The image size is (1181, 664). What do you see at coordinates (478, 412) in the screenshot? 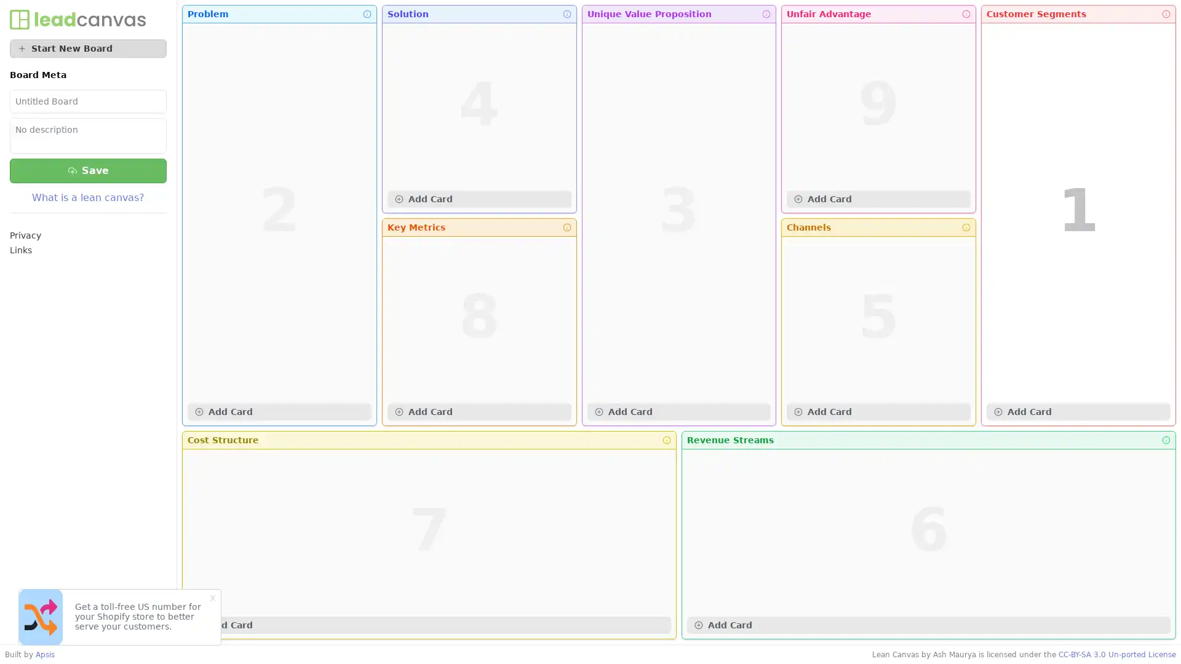
I see `Add Card` at bounding box center [478, 412].